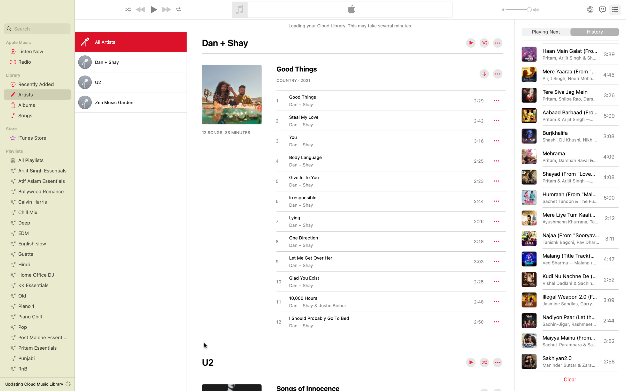 Image resolution: width=626 pixels, height=391 pixels. I want to click on the more options menu for the song "Good Things, so click(496, 100).